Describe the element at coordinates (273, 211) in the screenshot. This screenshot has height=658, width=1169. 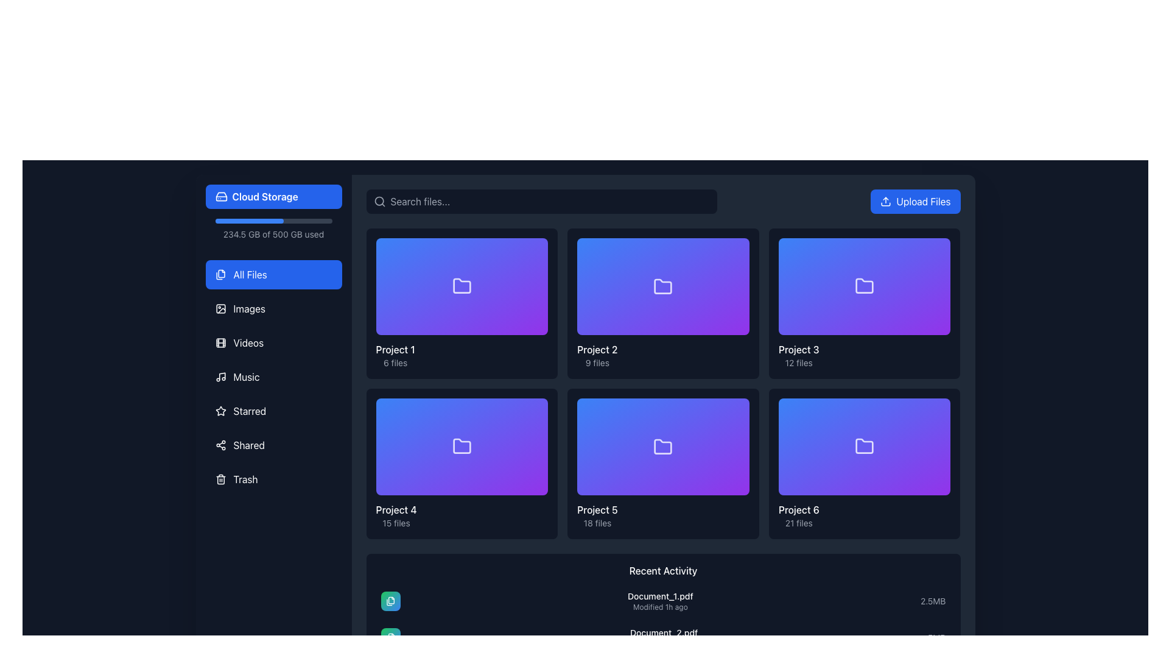
I see `the Information display module with a progress indicator located in the top-left section of the application interface, above the vertical list of navigational options` at that location.